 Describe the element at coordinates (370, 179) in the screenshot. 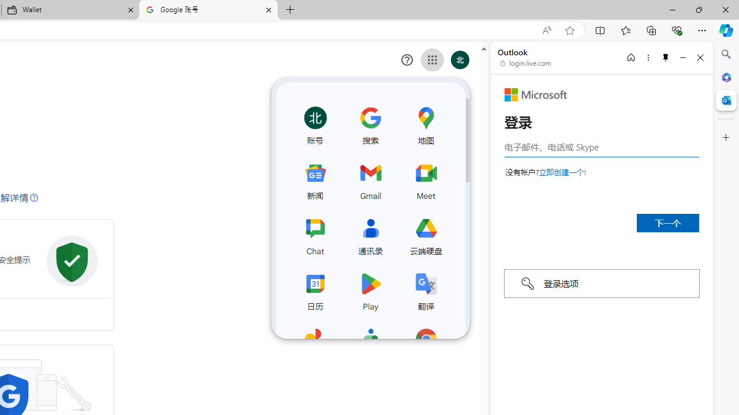

I see `'Gmail'` at that location.